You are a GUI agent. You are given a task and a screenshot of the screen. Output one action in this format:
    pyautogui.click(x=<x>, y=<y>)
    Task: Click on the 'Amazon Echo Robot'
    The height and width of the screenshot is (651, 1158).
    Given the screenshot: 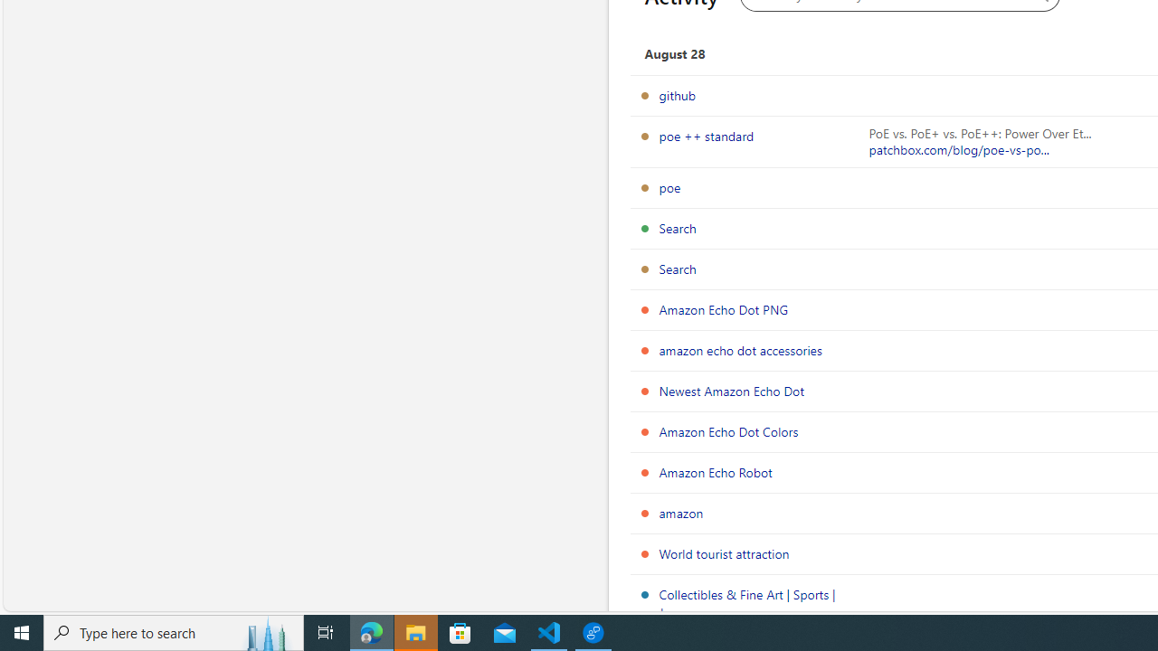 What is the action you would take?
    pyautogui.click(x=715, y=471)
    